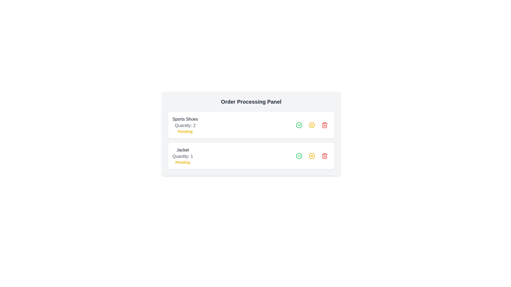 This screenshot has height=287, width=511. Describe the element at coordinates (312, 155) in the screenshot. I see `the circular icon button featuring a yellow cross within a yellow border, positioned between a green checkmark icon and a red trash can icon, below the list of 'Jacket' details` at that location.